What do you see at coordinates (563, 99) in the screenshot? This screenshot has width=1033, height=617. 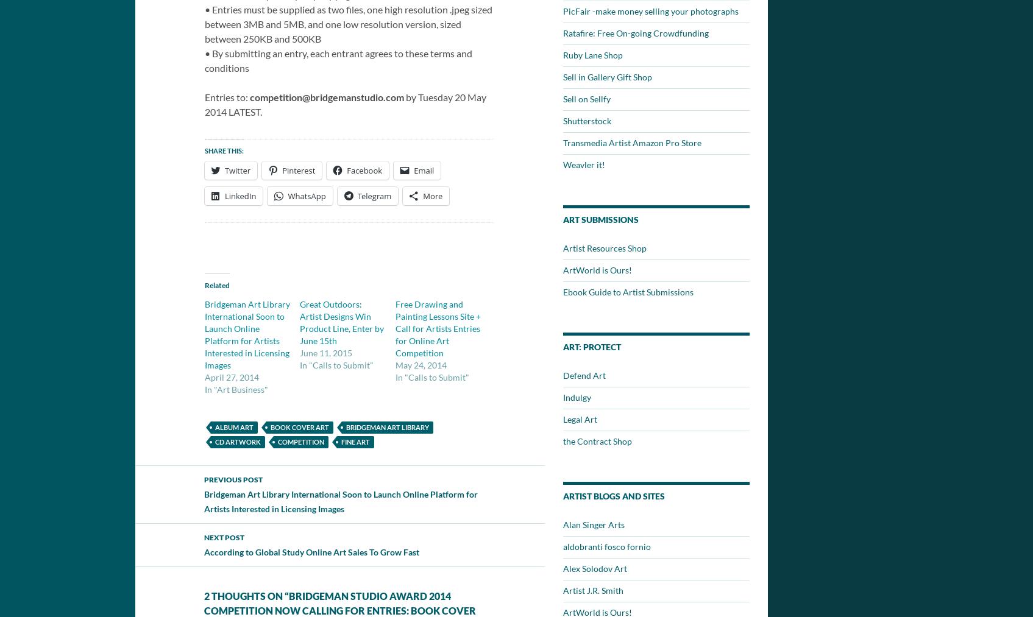 I see `'Sell on Sellfy'` at bounding box center [563, 99].